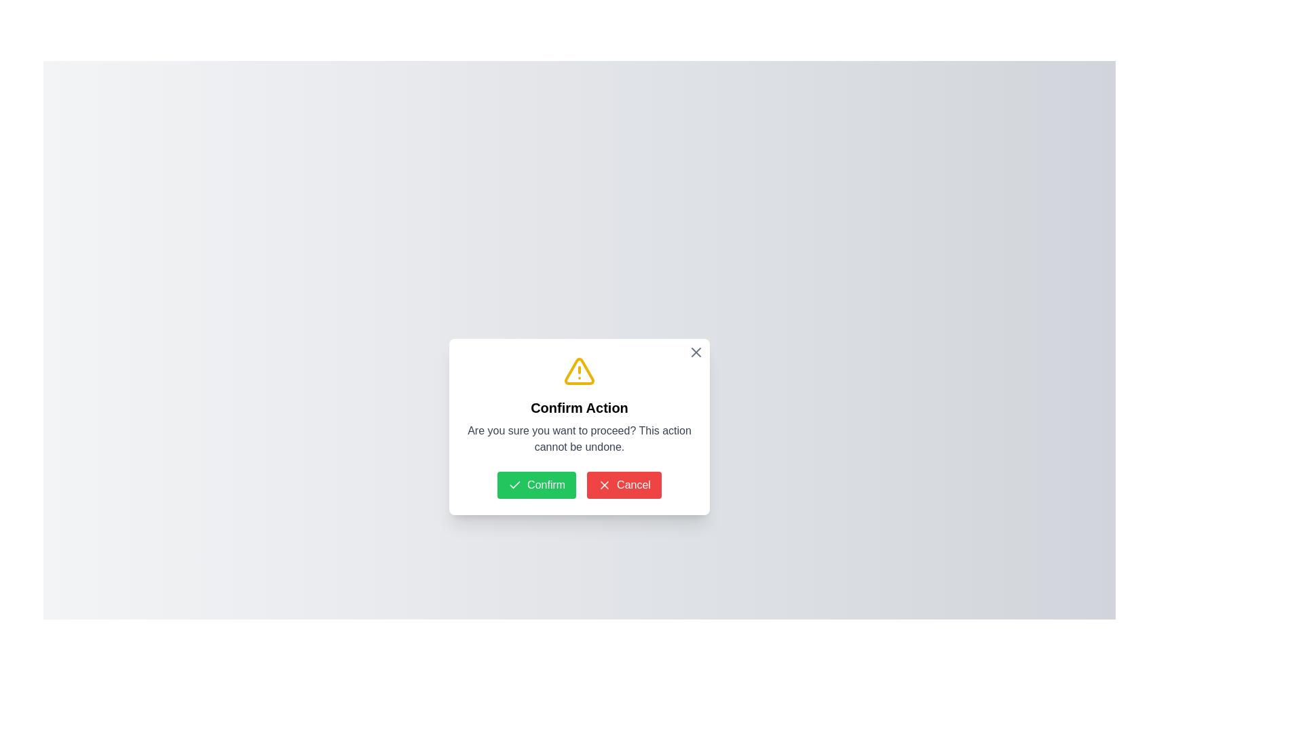  Describe the element at coordinates (580, 371) in the screenshot. I see `the visual warning icon located at the top-center of the modal dialog box, above the title 'Confirm Action'` at that location.